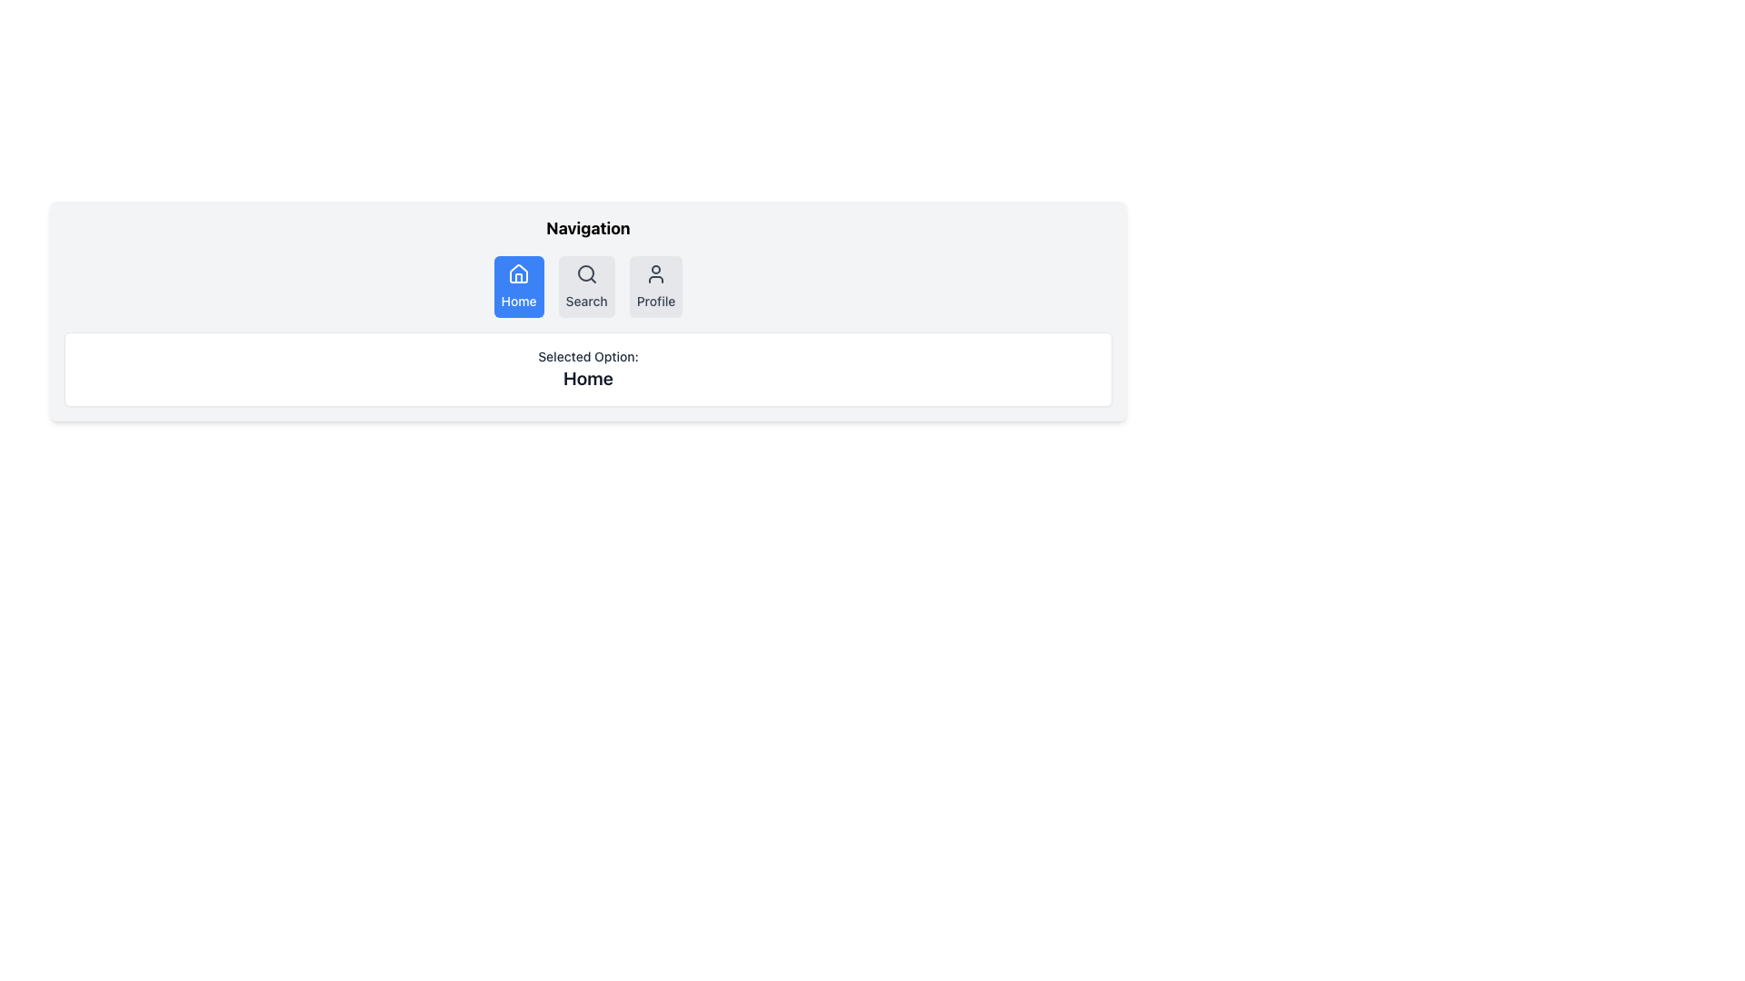  What do you see at coordinates (586, 300) in the screenshot?
I see `the static text label for the 'Search' button, located at the lower portion of the button in the navigation bar, which is the second button in a row of three, between the 'Home' and 'Profile' buttons` at bounding box center [586, 300].